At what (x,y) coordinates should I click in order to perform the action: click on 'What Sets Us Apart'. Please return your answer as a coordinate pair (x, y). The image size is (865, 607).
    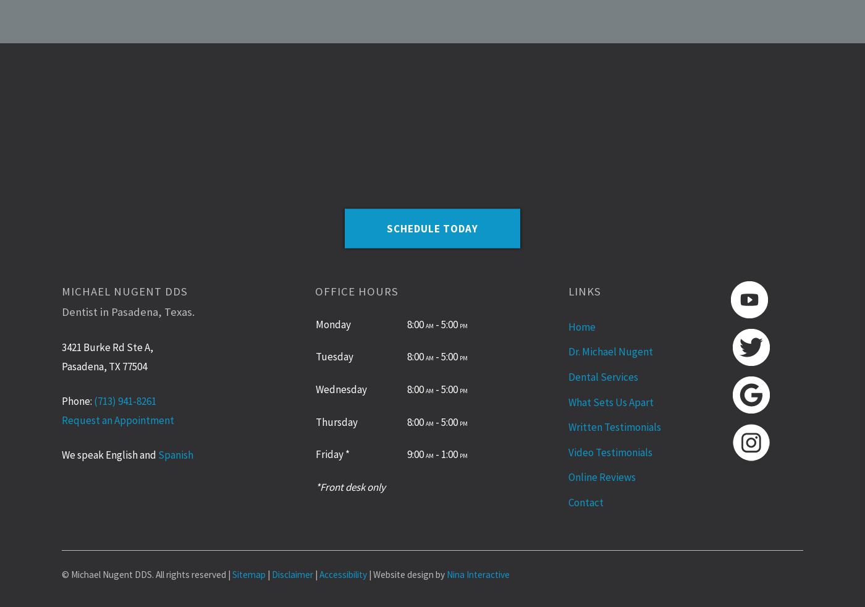
    Looking at the image, I should click on (610, 401).